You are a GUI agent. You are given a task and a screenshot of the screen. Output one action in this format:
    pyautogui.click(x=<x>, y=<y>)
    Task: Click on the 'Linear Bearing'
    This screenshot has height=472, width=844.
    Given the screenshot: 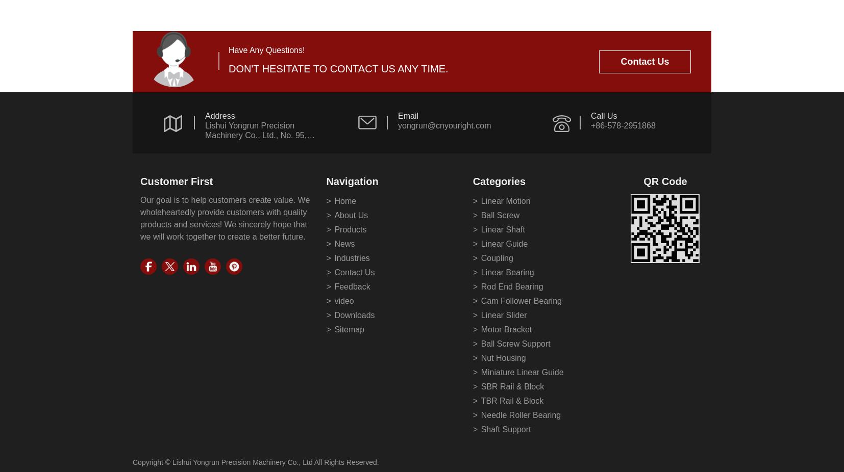 What is the action you would take?
    pyautogui.click(x=507, y=272)
    